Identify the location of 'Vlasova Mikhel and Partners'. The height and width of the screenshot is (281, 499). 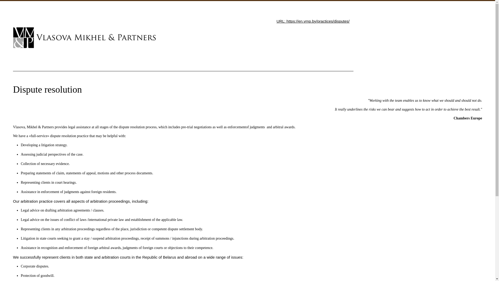
(84, 37).